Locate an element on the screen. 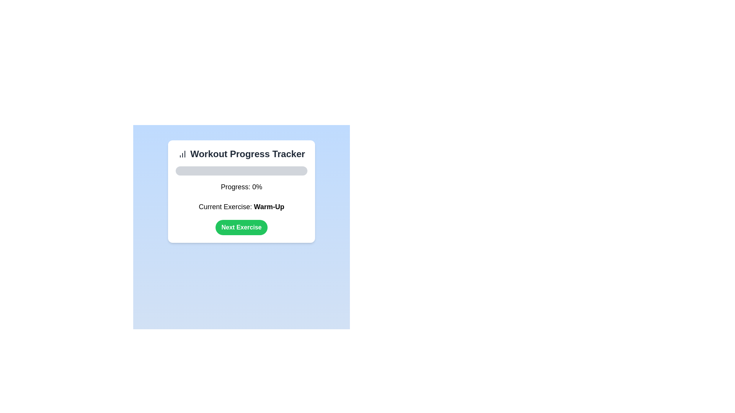 The width and height of the screenshot is (735, 413). the rounded green button with white text reading 'Next Exercise' is located at coordinates (241, 227).